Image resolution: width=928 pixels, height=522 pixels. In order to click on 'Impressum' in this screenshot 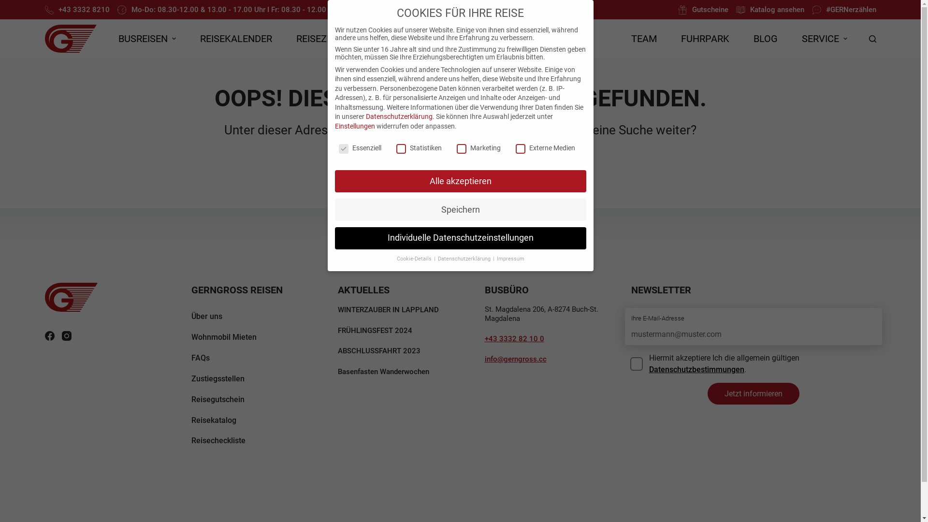, I will do `click(510, 258)`.